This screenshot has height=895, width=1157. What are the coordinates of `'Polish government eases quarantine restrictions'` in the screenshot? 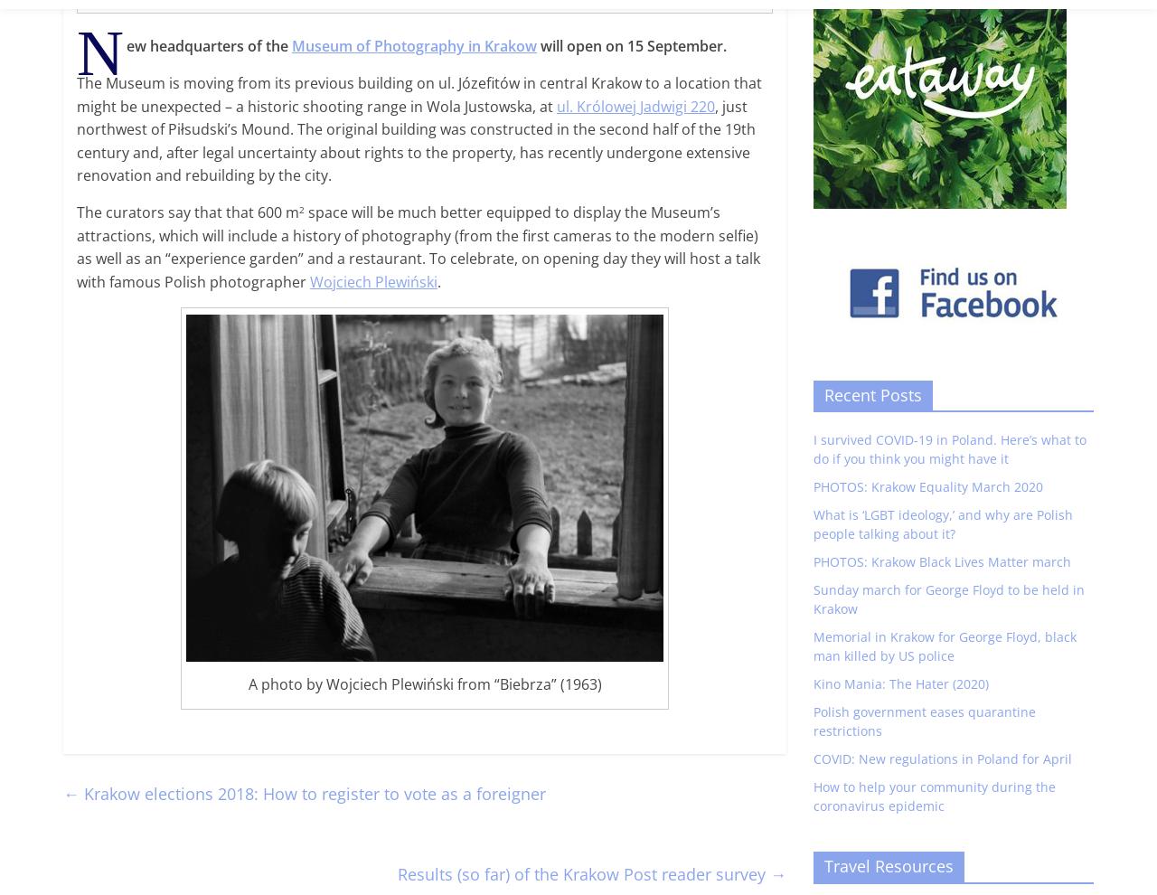 It's located at (924, 721).